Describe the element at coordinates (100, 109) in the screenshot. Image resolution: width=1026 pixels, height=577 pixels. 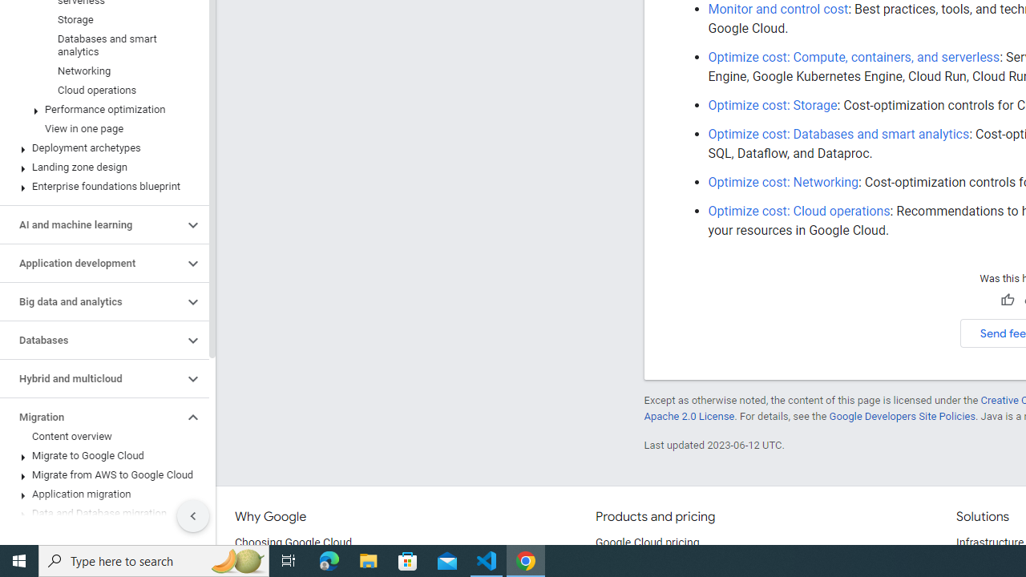
I see `'Performance optimization'` at that location.